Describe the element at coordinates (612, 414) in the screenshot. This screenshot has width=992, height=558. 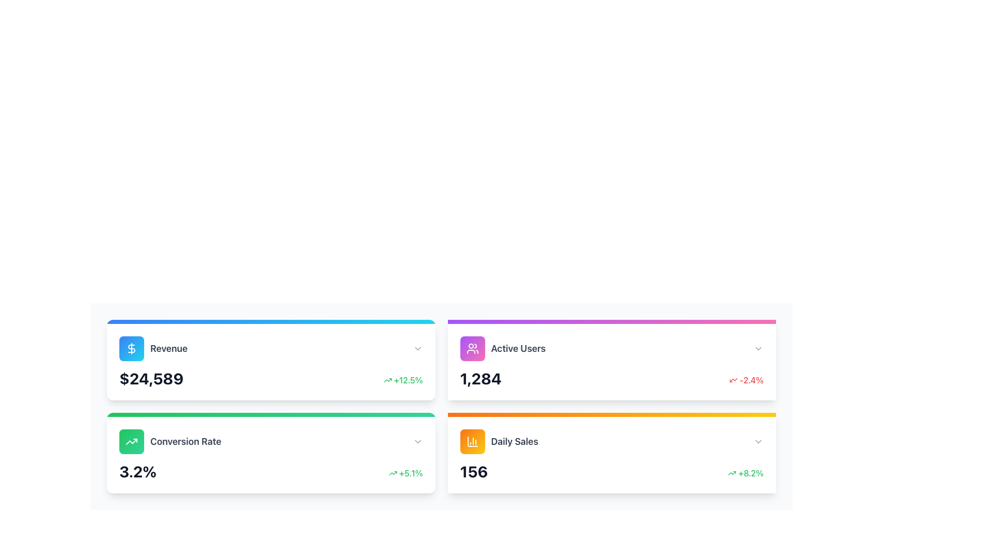
I see `the decorative progress bar at the top section of the 'Daily Sales' card, which features a color gradient from orange to yellow` at that location.